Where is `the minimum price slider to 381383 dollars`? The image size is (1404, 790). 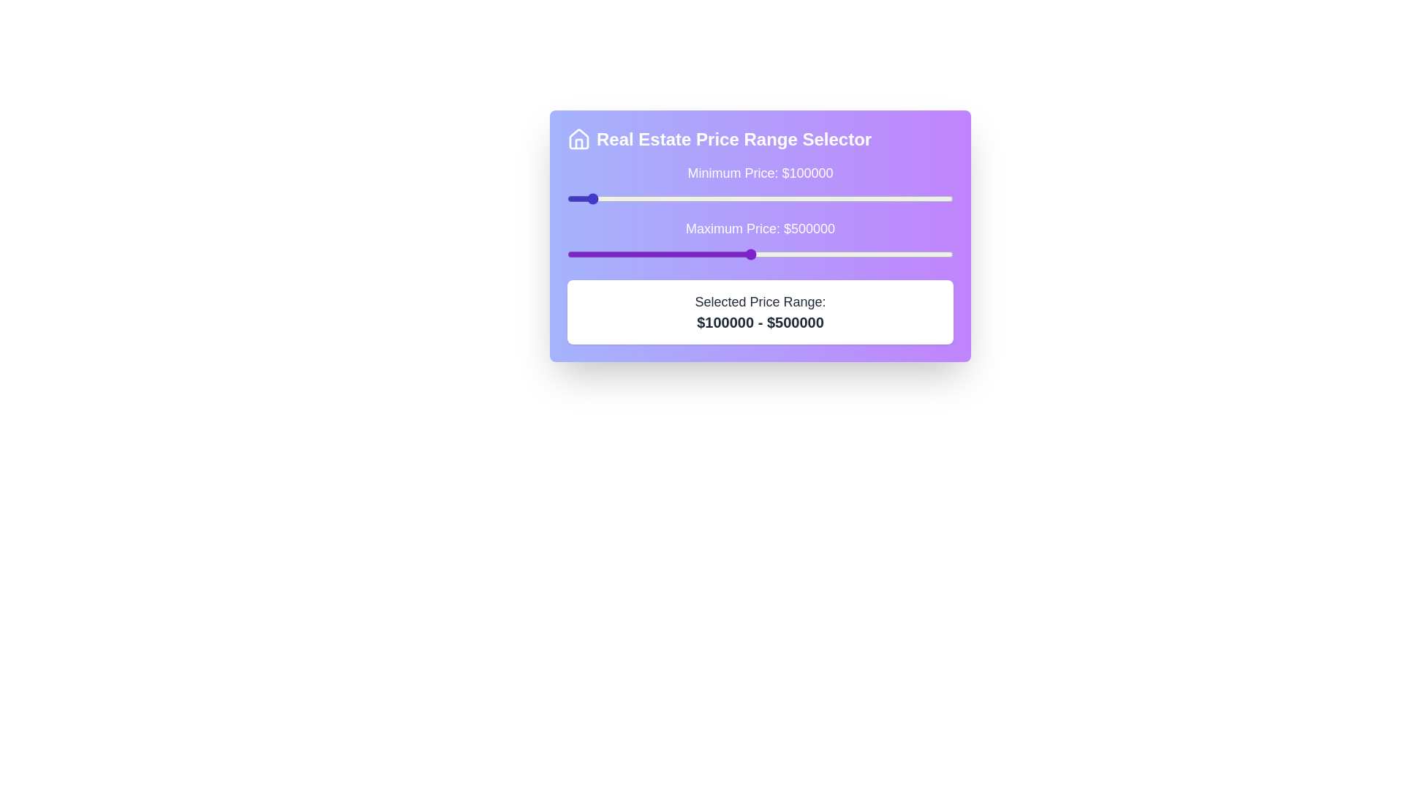
the minimum price slider to 381383 dollars is located at coordinates (702, 199).